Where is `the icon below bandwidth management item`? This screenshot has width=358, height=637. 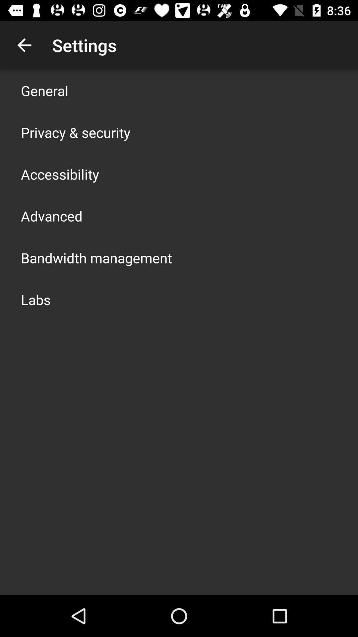 the icon below bandwidth management item is located at coordinates (36, 299).